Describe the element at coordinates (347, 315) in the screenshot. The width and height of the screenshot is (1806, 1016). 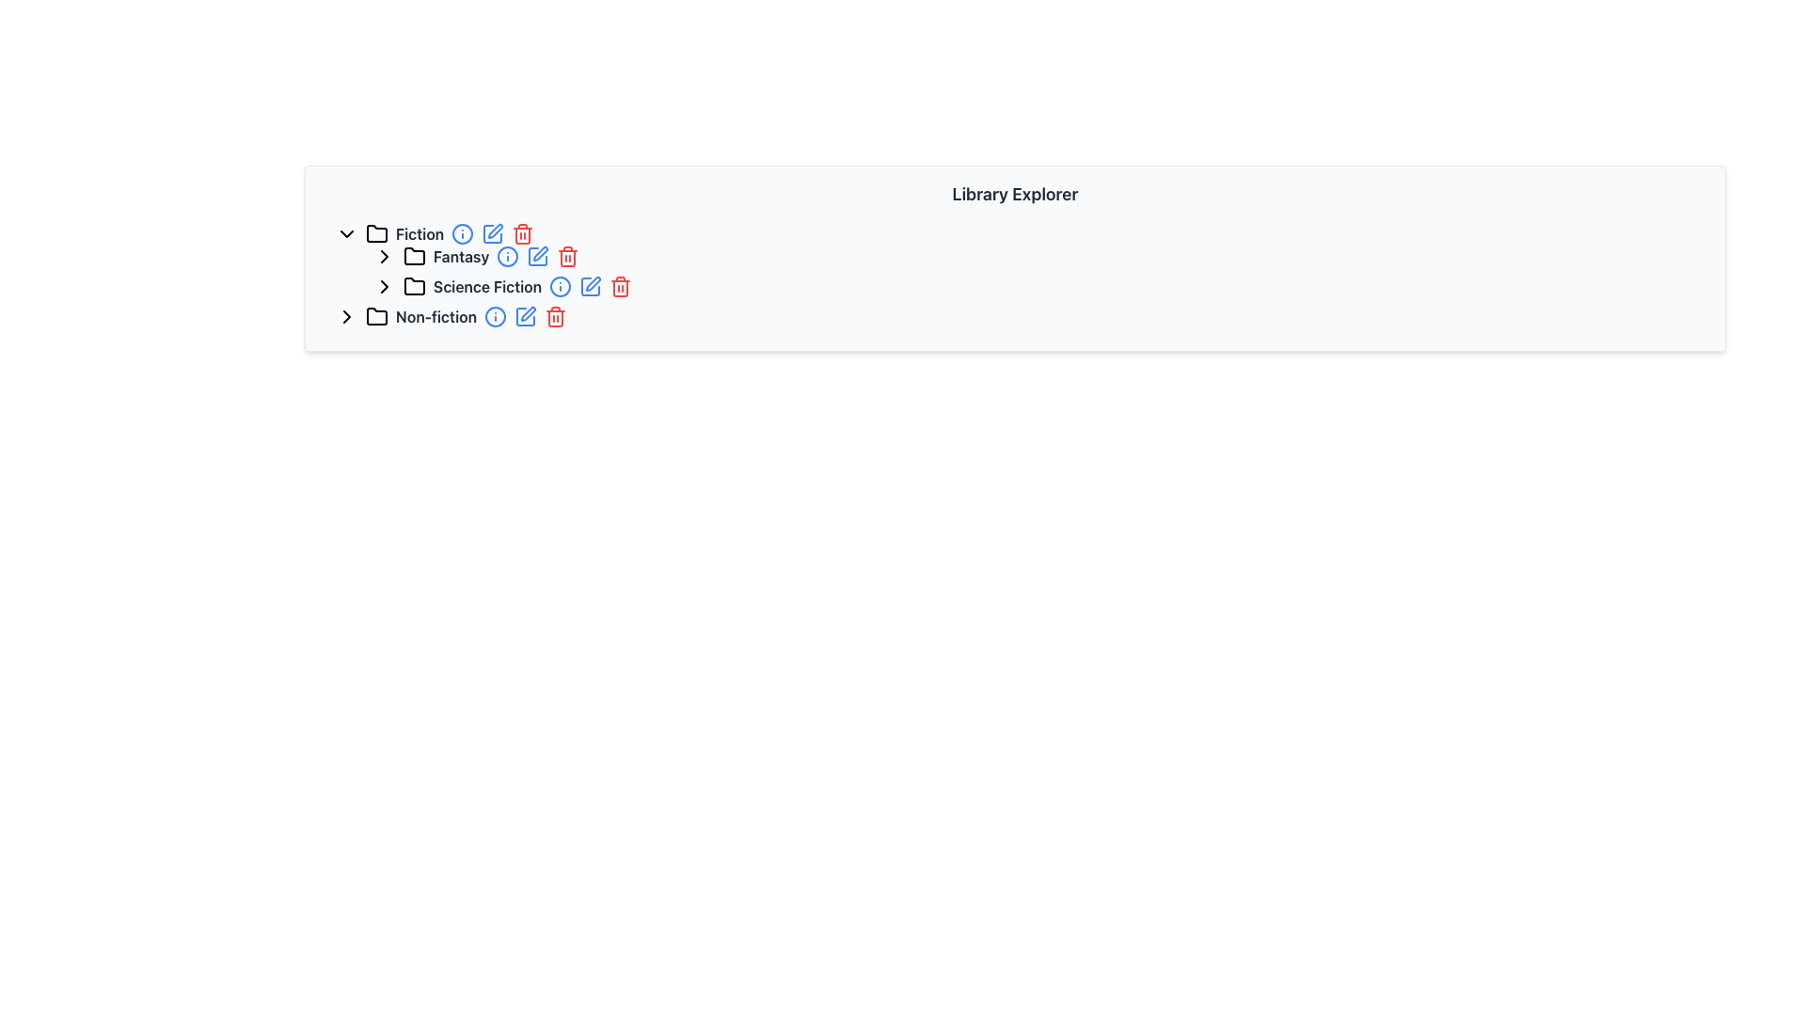
I see `the collapsible arrow indicator` at that location.